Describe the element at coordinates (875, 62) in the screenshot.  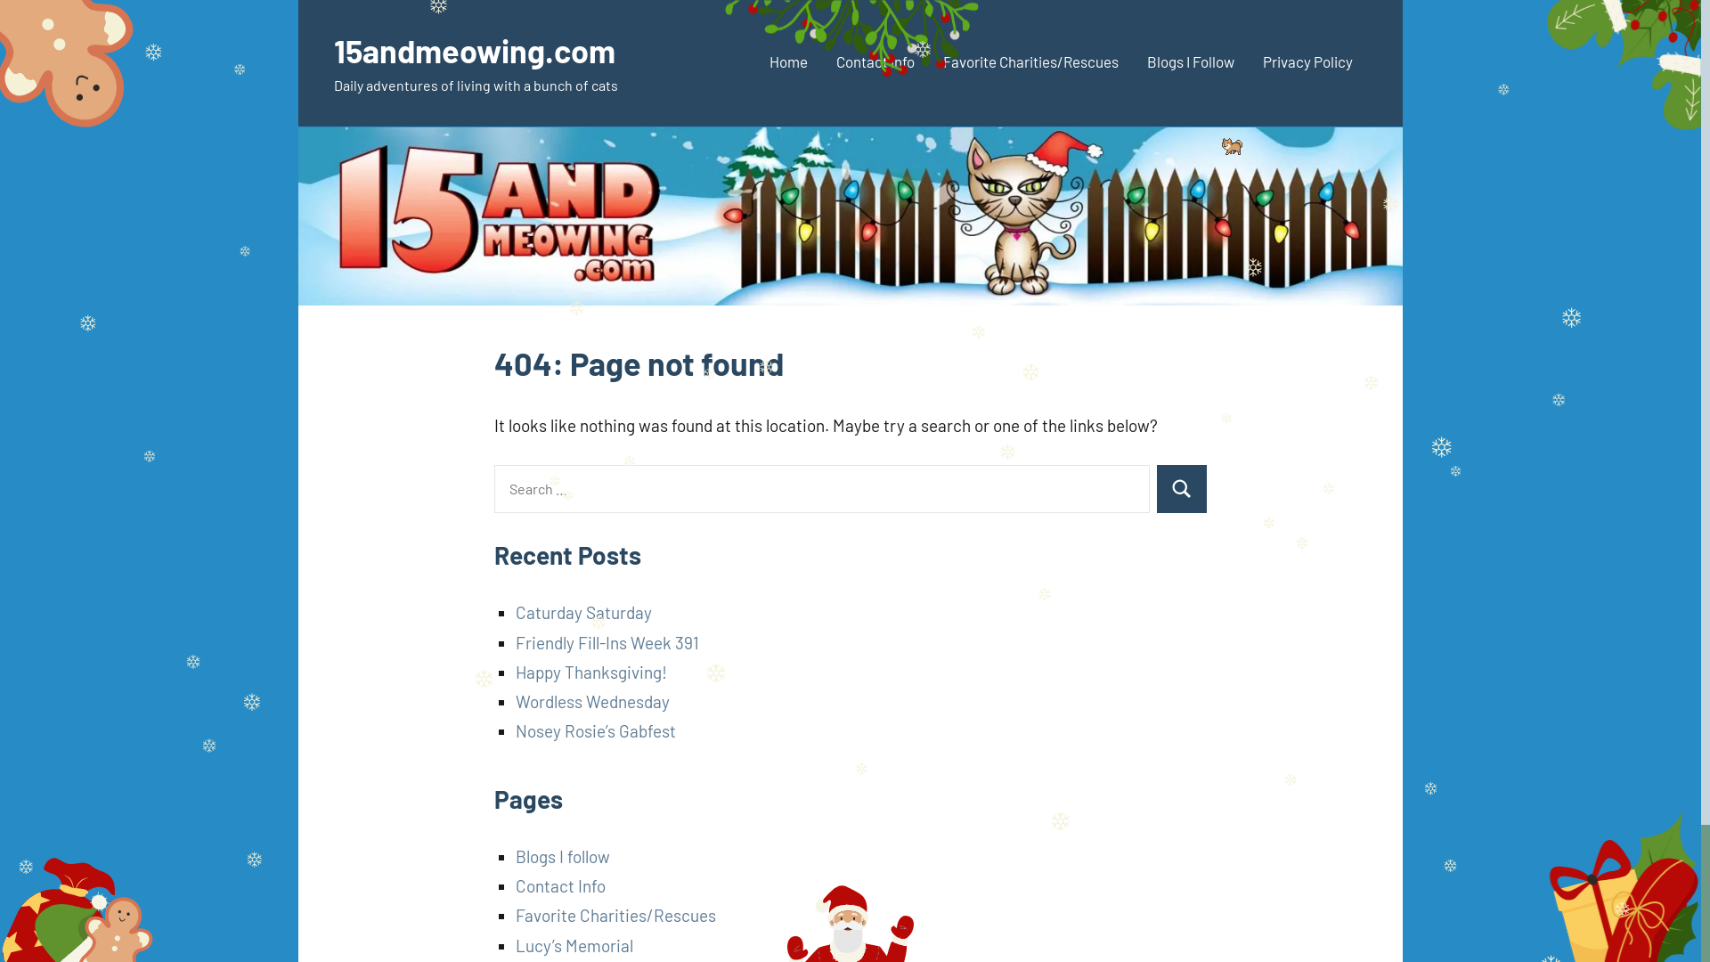
I see `'Contact Info'` at that location.